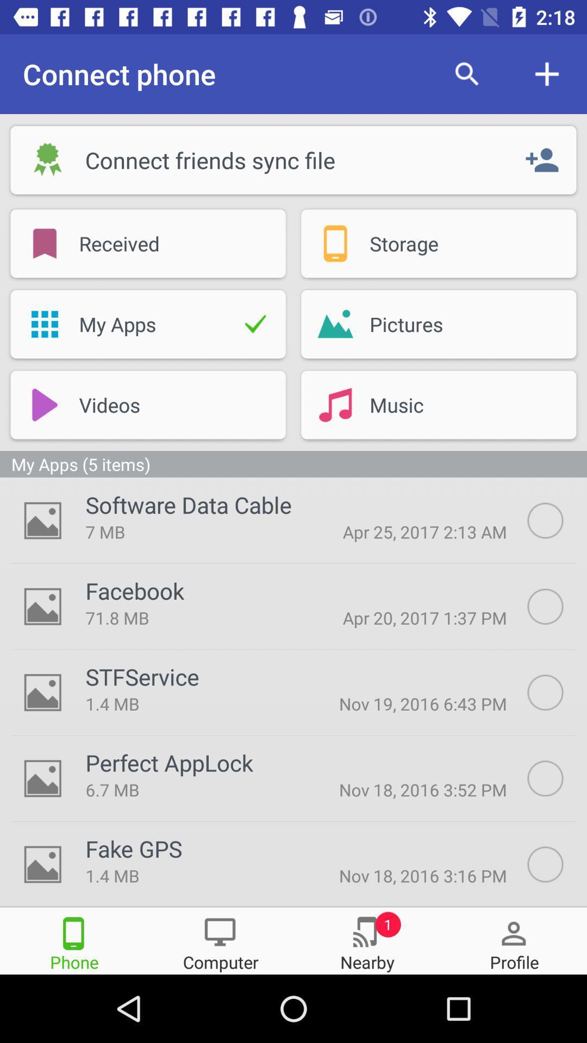 Image resolution: width=587 pixels, height=1043 pixels. What do you see at coordinates (44, 323) in the screenshot?
I see `the app to the left of my apps icon` at bounding box center [44, 323].